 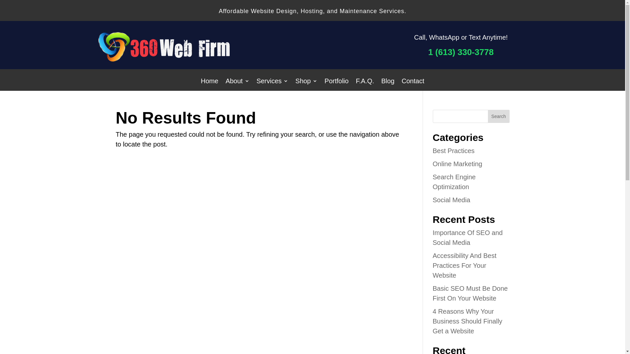 I want to click on 'Best Practices', so click(x=453, y=150).